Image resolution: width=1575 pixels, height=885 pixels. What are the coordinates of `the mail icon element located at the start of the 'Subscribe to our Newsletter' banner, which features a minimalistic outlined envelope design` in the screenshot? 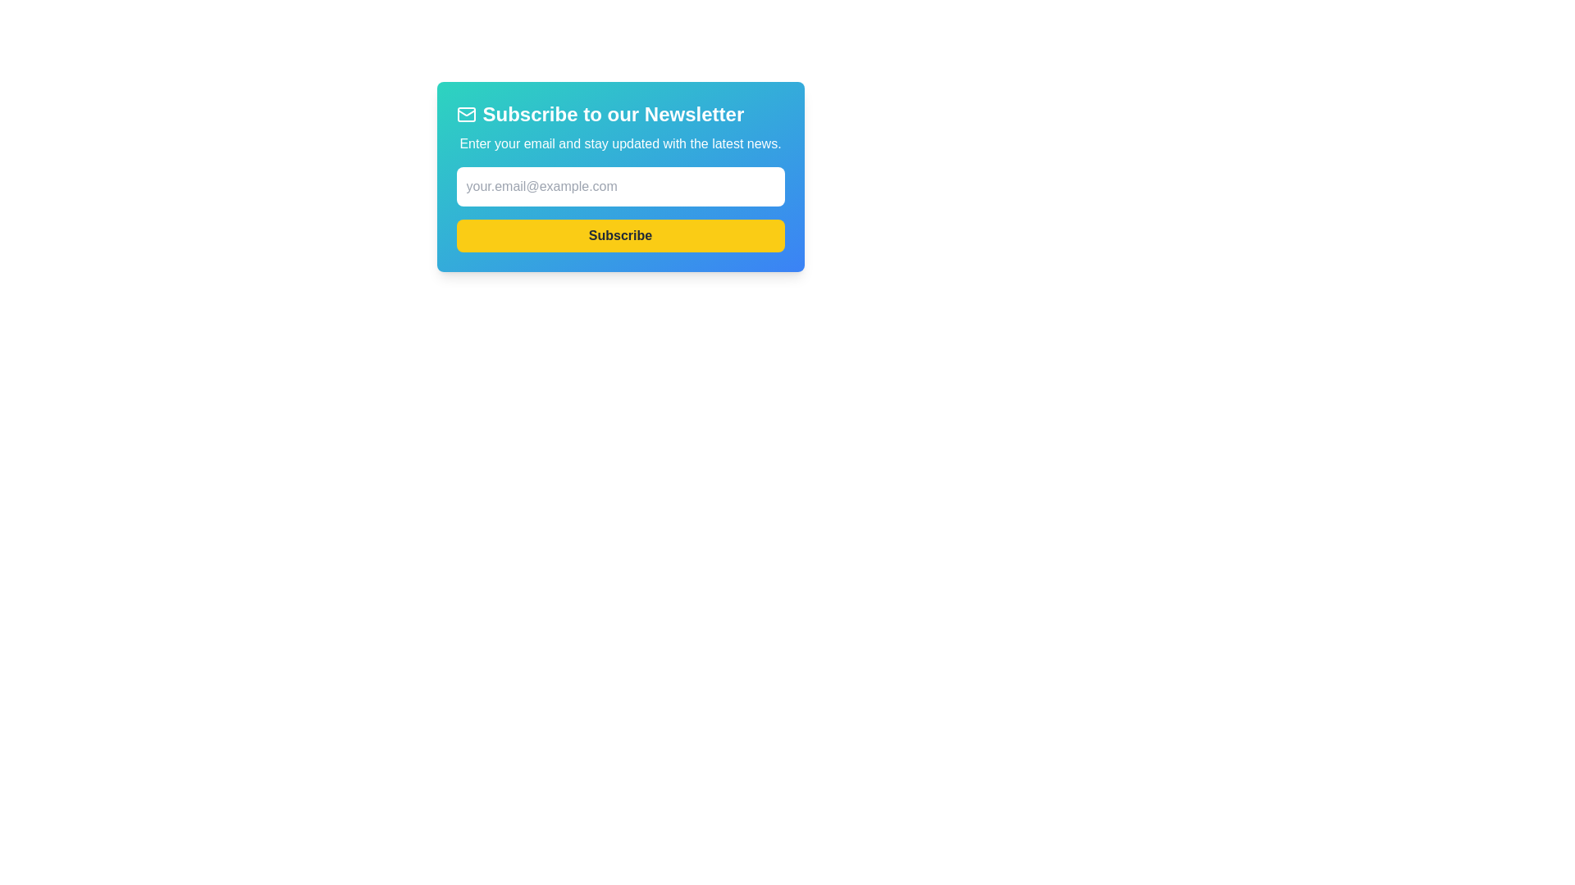 It's located at (465, 113).